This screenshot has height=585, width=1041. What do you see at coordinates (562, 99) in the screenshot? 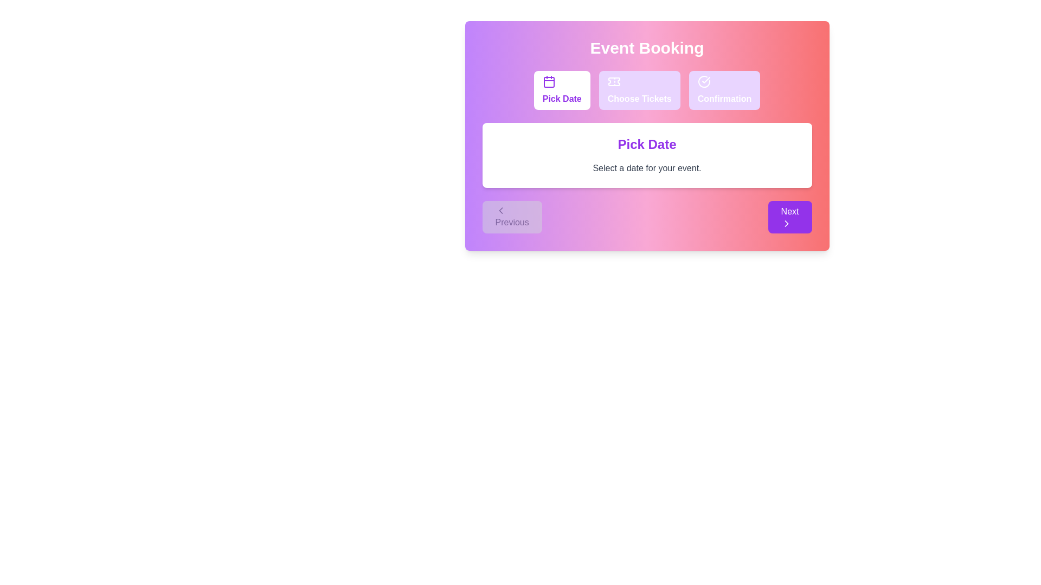
I see `the 'Pick Date' label in the multi-step process, which is part of the horizontal selection menu and located below the calendar icon` at bounding box center [562, 99].